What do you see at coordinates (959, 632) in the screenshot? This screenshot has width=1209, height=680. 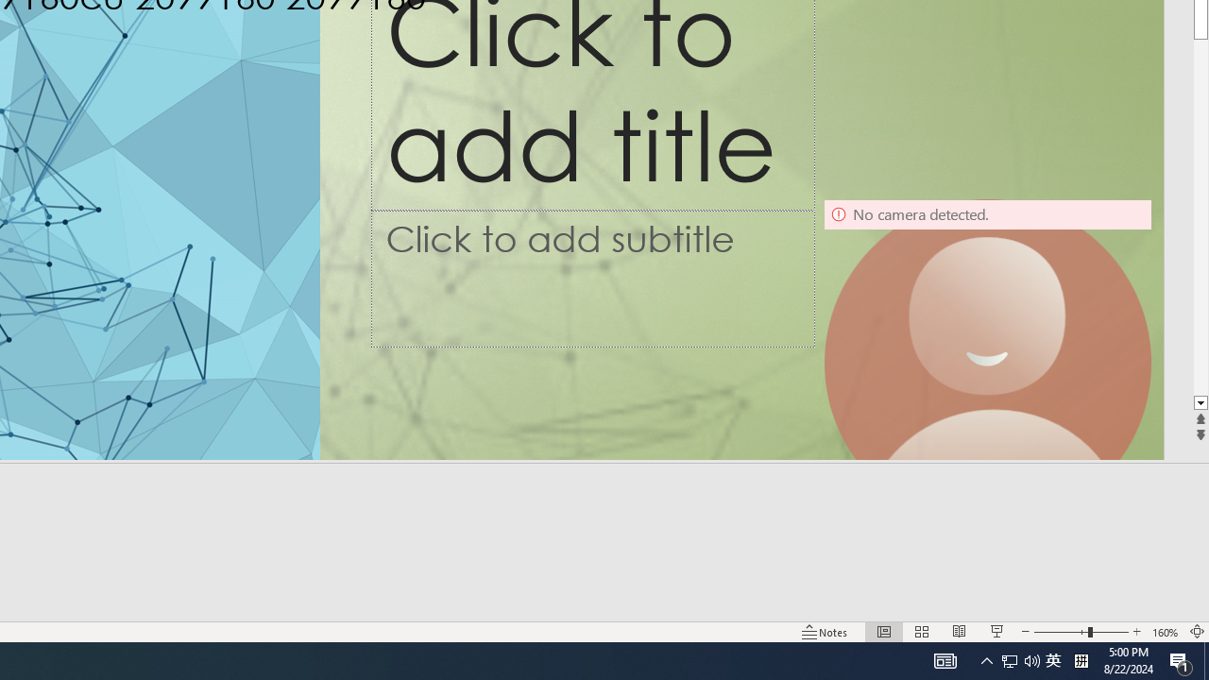 I see `'Reading View'` at bounding box center [959, 632].